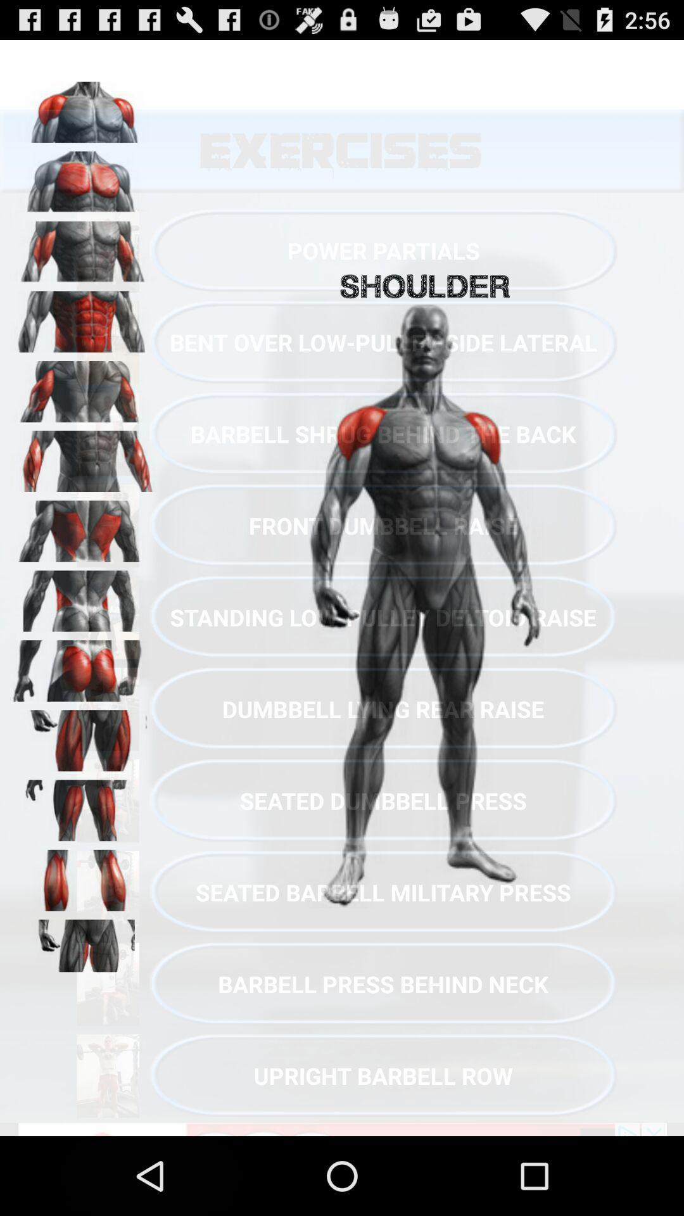  Describe the element at coordinates (83, 386) in the screenshot. I see `different workout body region` at that location.